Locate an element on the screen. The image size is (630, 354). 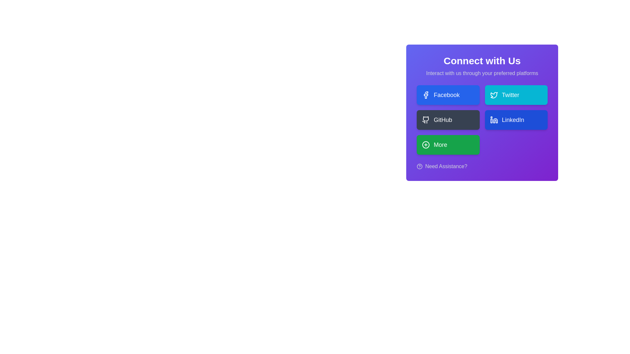
the decorative or informational Circle element within the SVG graphic, located near the bottom-right of the layout, adjacent to the 'Need Assistance?' label is located at coordinates (419, 166).